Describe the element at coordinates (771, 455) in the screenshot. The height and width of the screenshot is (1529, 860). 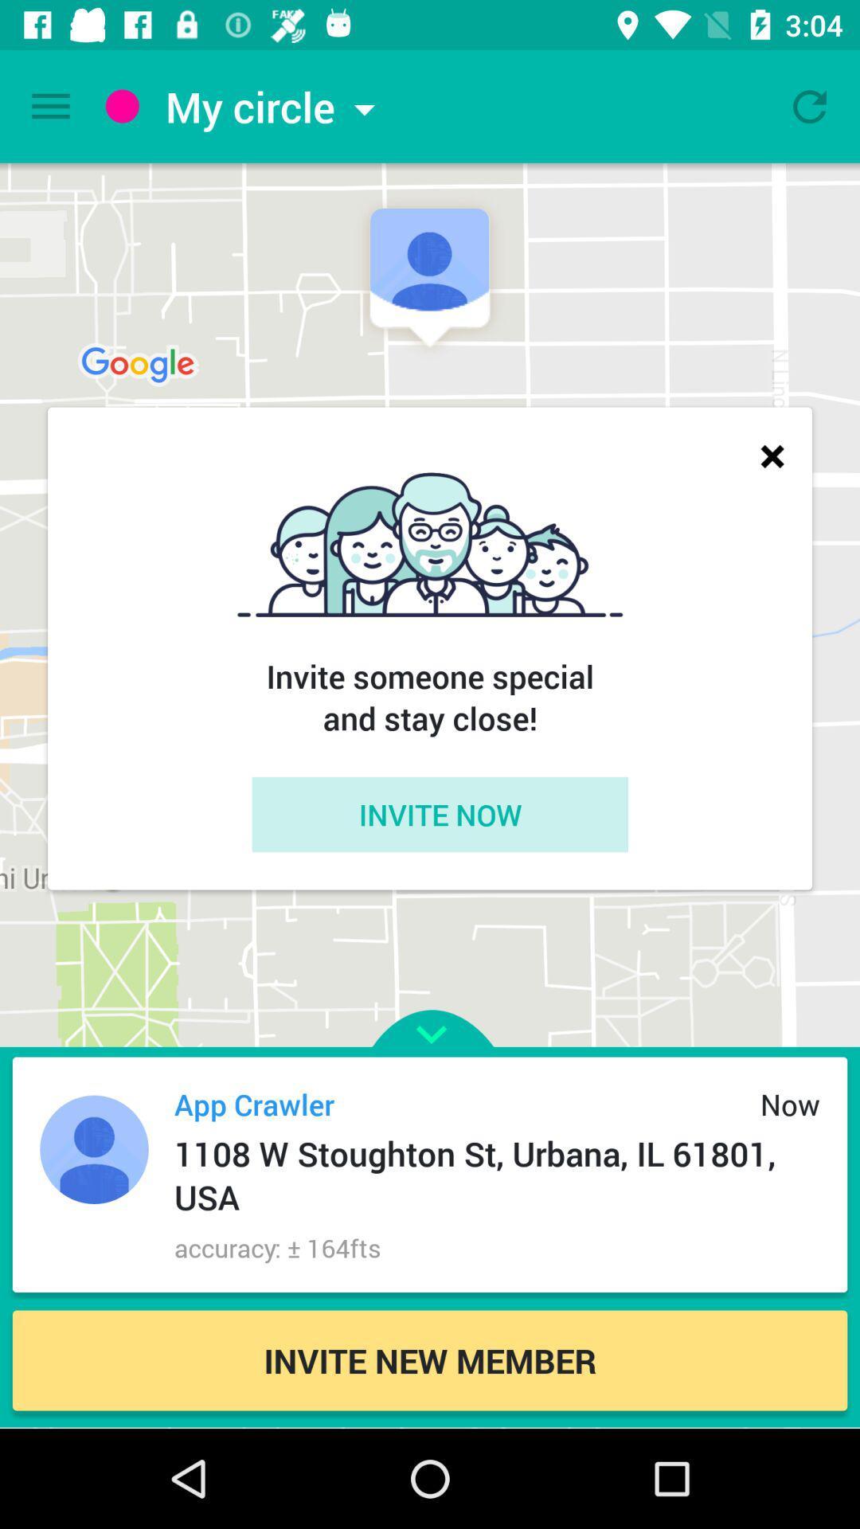
I see `icon above the invite someone special` at that location.